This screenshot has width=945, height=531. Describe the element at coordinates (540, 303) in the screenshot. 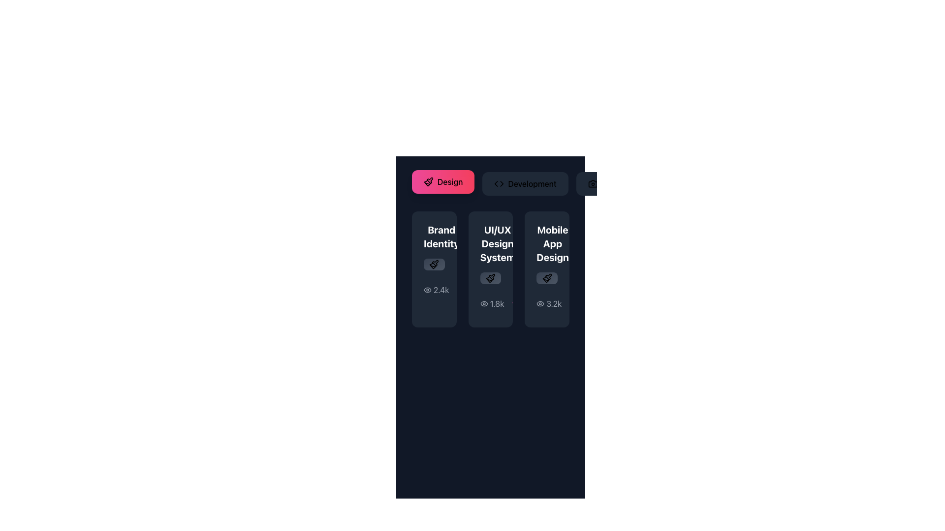

I see `eye-shaped icon representing views in the 'Mobile App Design' section, located to the left of the '3.2k' text` at that location.